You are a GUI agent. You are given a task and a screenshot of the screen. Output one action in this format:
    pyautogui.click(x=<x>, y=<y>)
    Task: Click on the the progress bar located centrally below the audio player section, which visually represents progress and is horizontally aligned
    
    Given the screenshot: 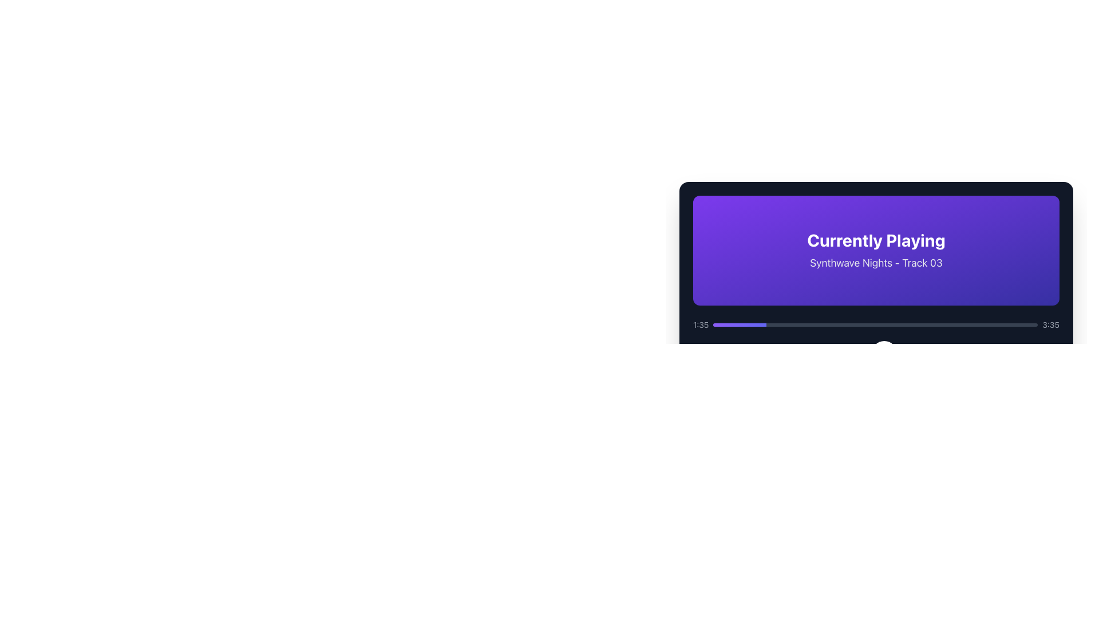 What is the action you would take?
    pyautogui.click(x=736, y=352)
    